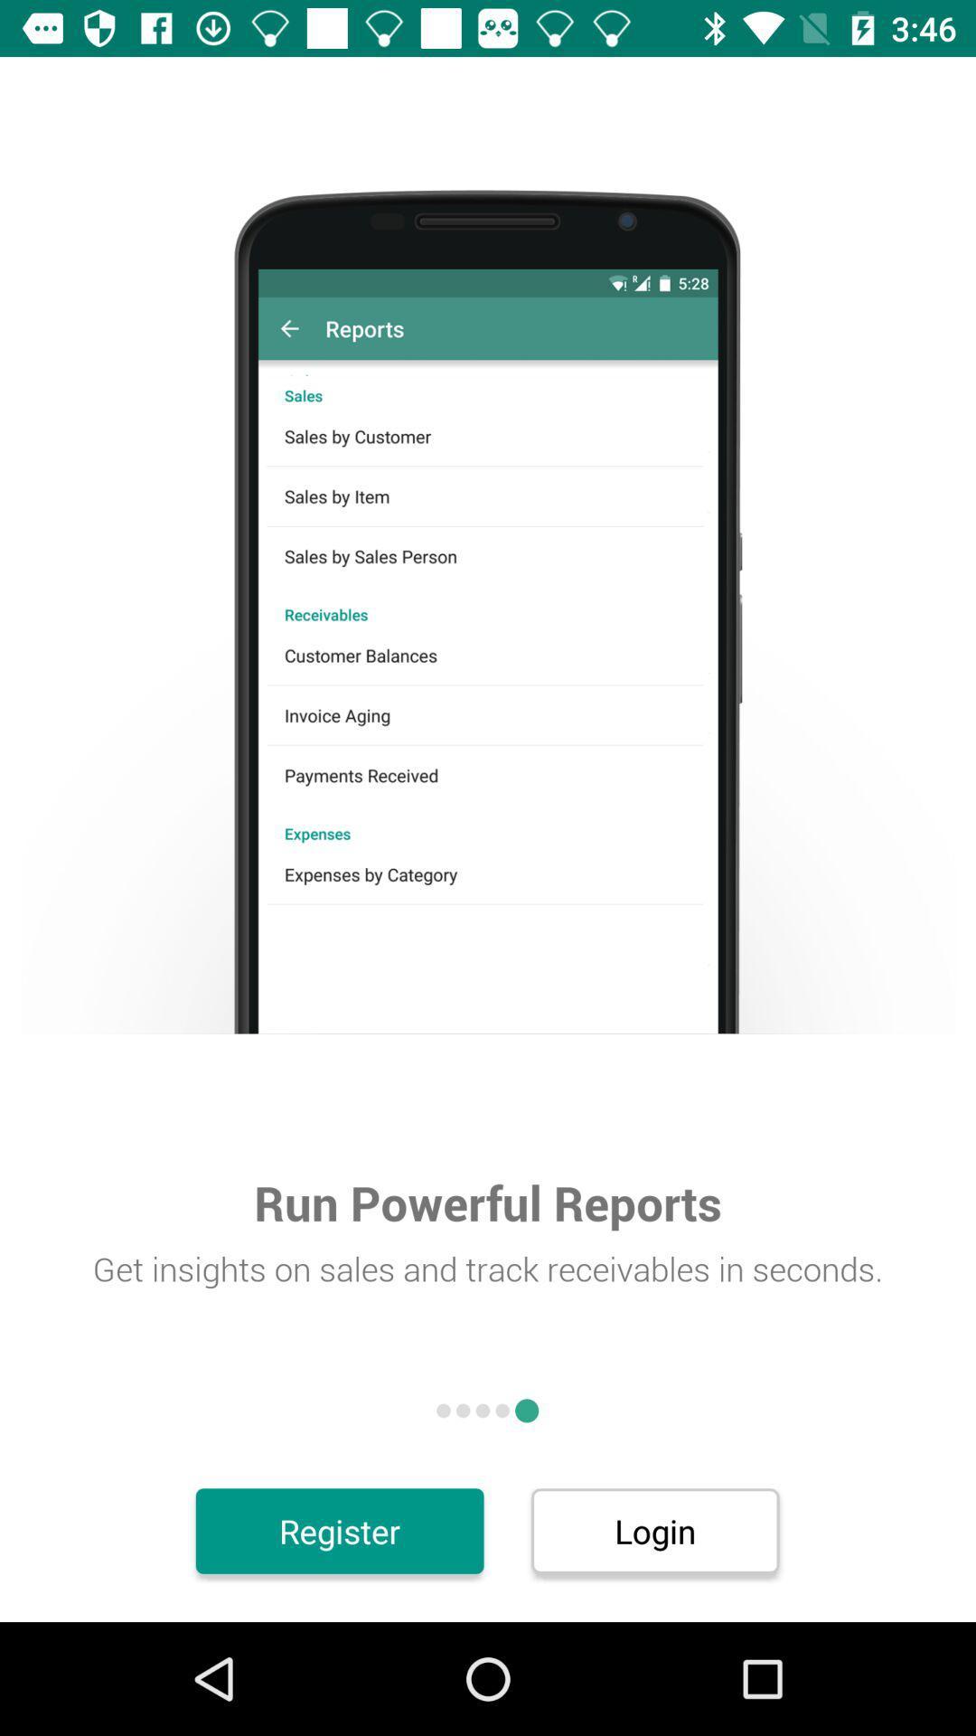 The width and height of the screenshot is (976, 1736). Describe the element at coordinates (340, 1530) in the screenshot. I see `the register item` at that location.